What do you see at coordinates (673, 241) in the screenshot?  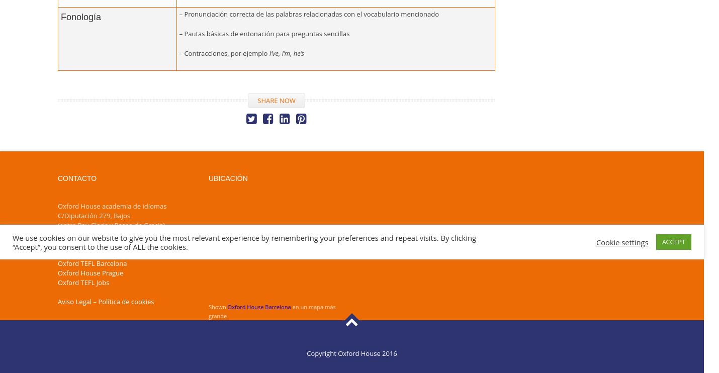 I see `'ACCEPT'` at bounding box center [673, 241].